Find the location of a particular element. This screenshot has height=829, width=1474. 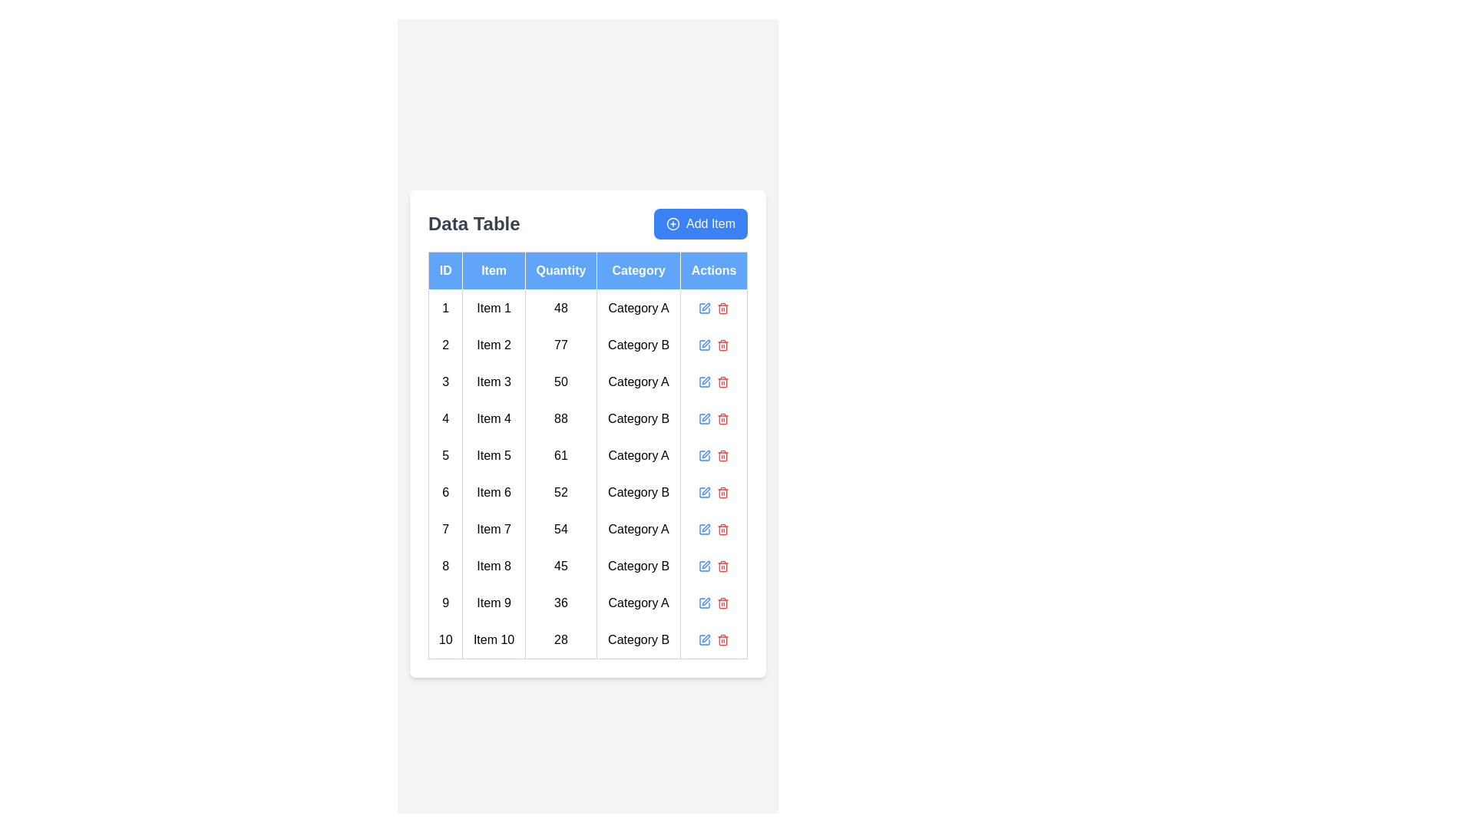

the circular outline icon with a plus symbol inside the 'Add Item' button located at the top right corner of the interface is located at coordinates (673, 223).